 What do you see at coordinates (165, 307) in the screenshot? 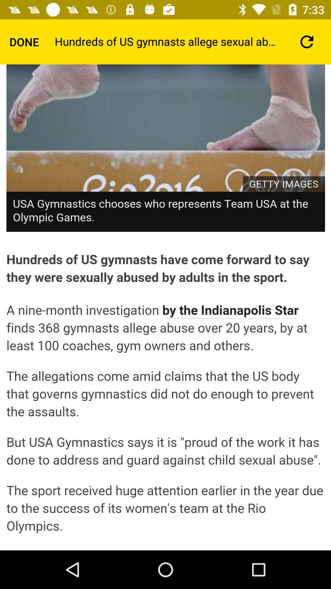
I see `internet blog` at bounding box center [165, 307].